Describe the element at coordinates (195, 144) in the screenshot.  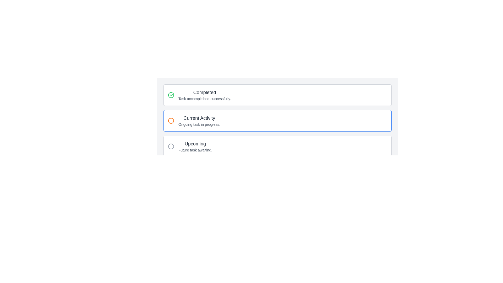
I see `the 'Upcoming' text label, which is displayed in a larger, bold, dark gray font, located in the third section below 'Current Activity.'` at that location.